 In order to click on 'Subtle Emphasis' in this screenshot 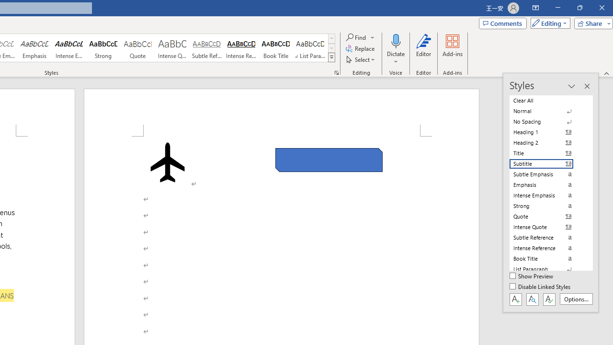, I will do `click(547, 174)`.